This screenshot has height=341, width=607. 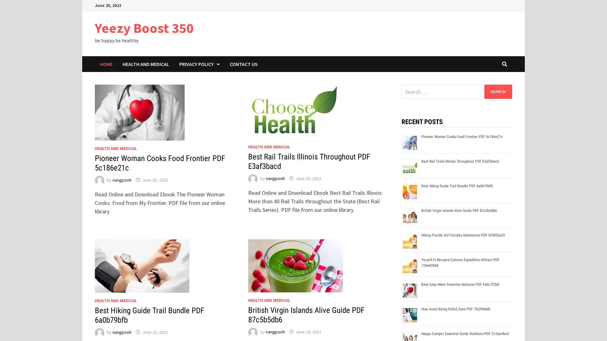 I want to click on Search, so click(x=498, y=91).